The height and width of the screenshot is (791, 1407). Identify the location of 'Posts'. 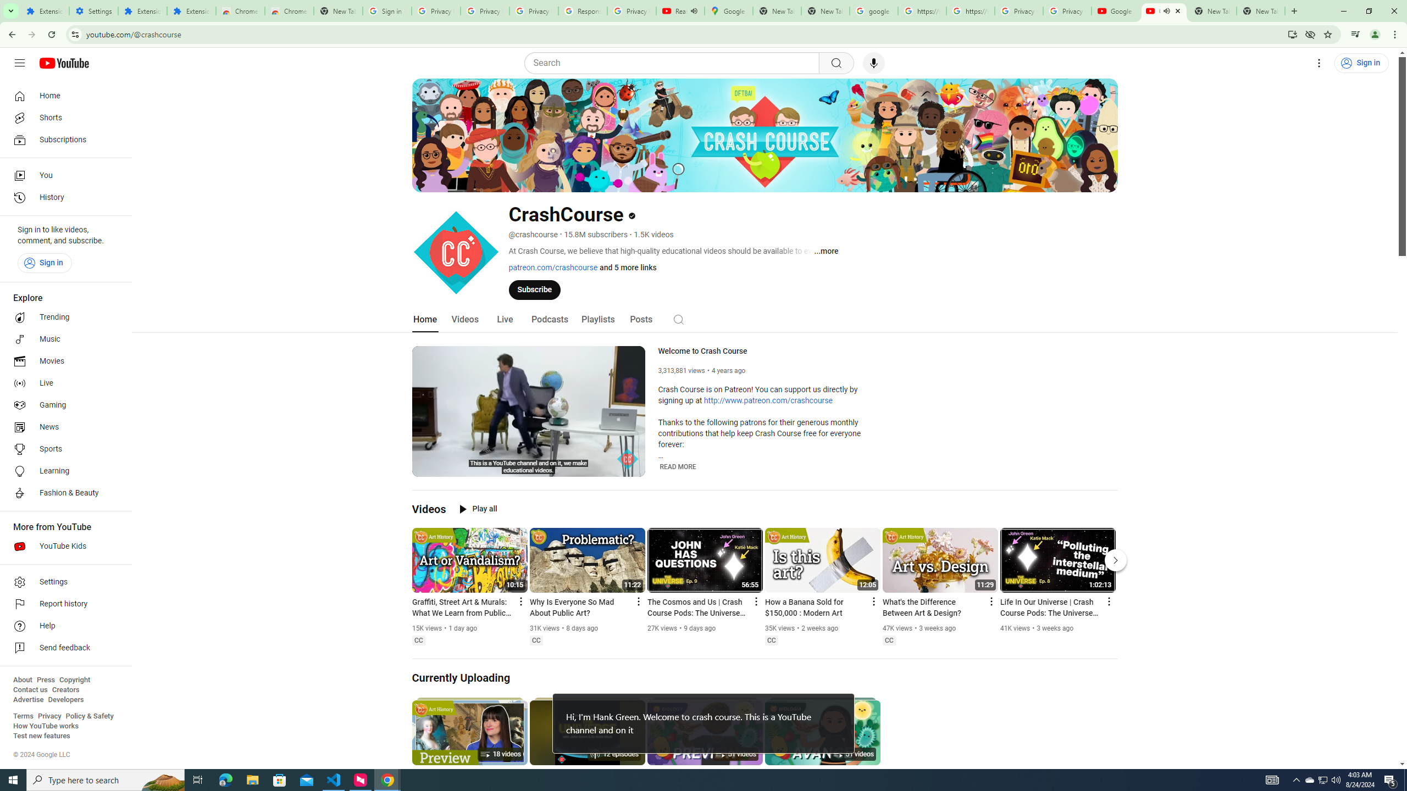
(640, 319).